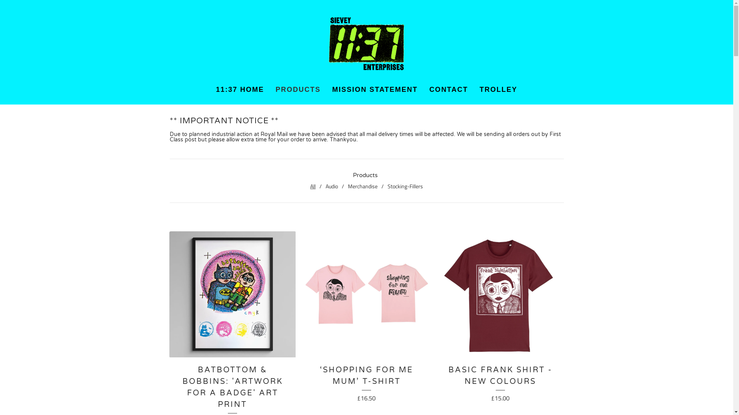 The height and width of the screenshot is (415, 739). What do you see at coordinates (298, 89) in the screenshot?
I see `'PRODUCTS'` at bounding box center [298, 89].